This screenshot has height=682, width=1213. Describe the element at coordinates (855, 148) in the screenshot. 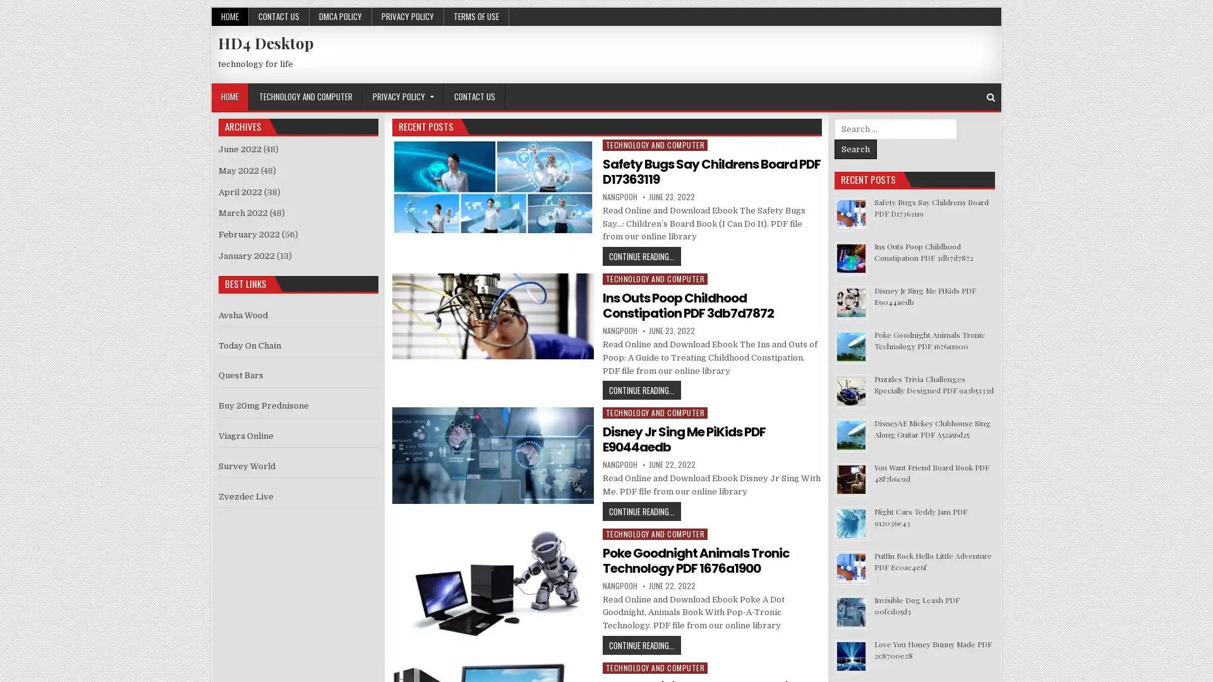

I see `Search` at that location.